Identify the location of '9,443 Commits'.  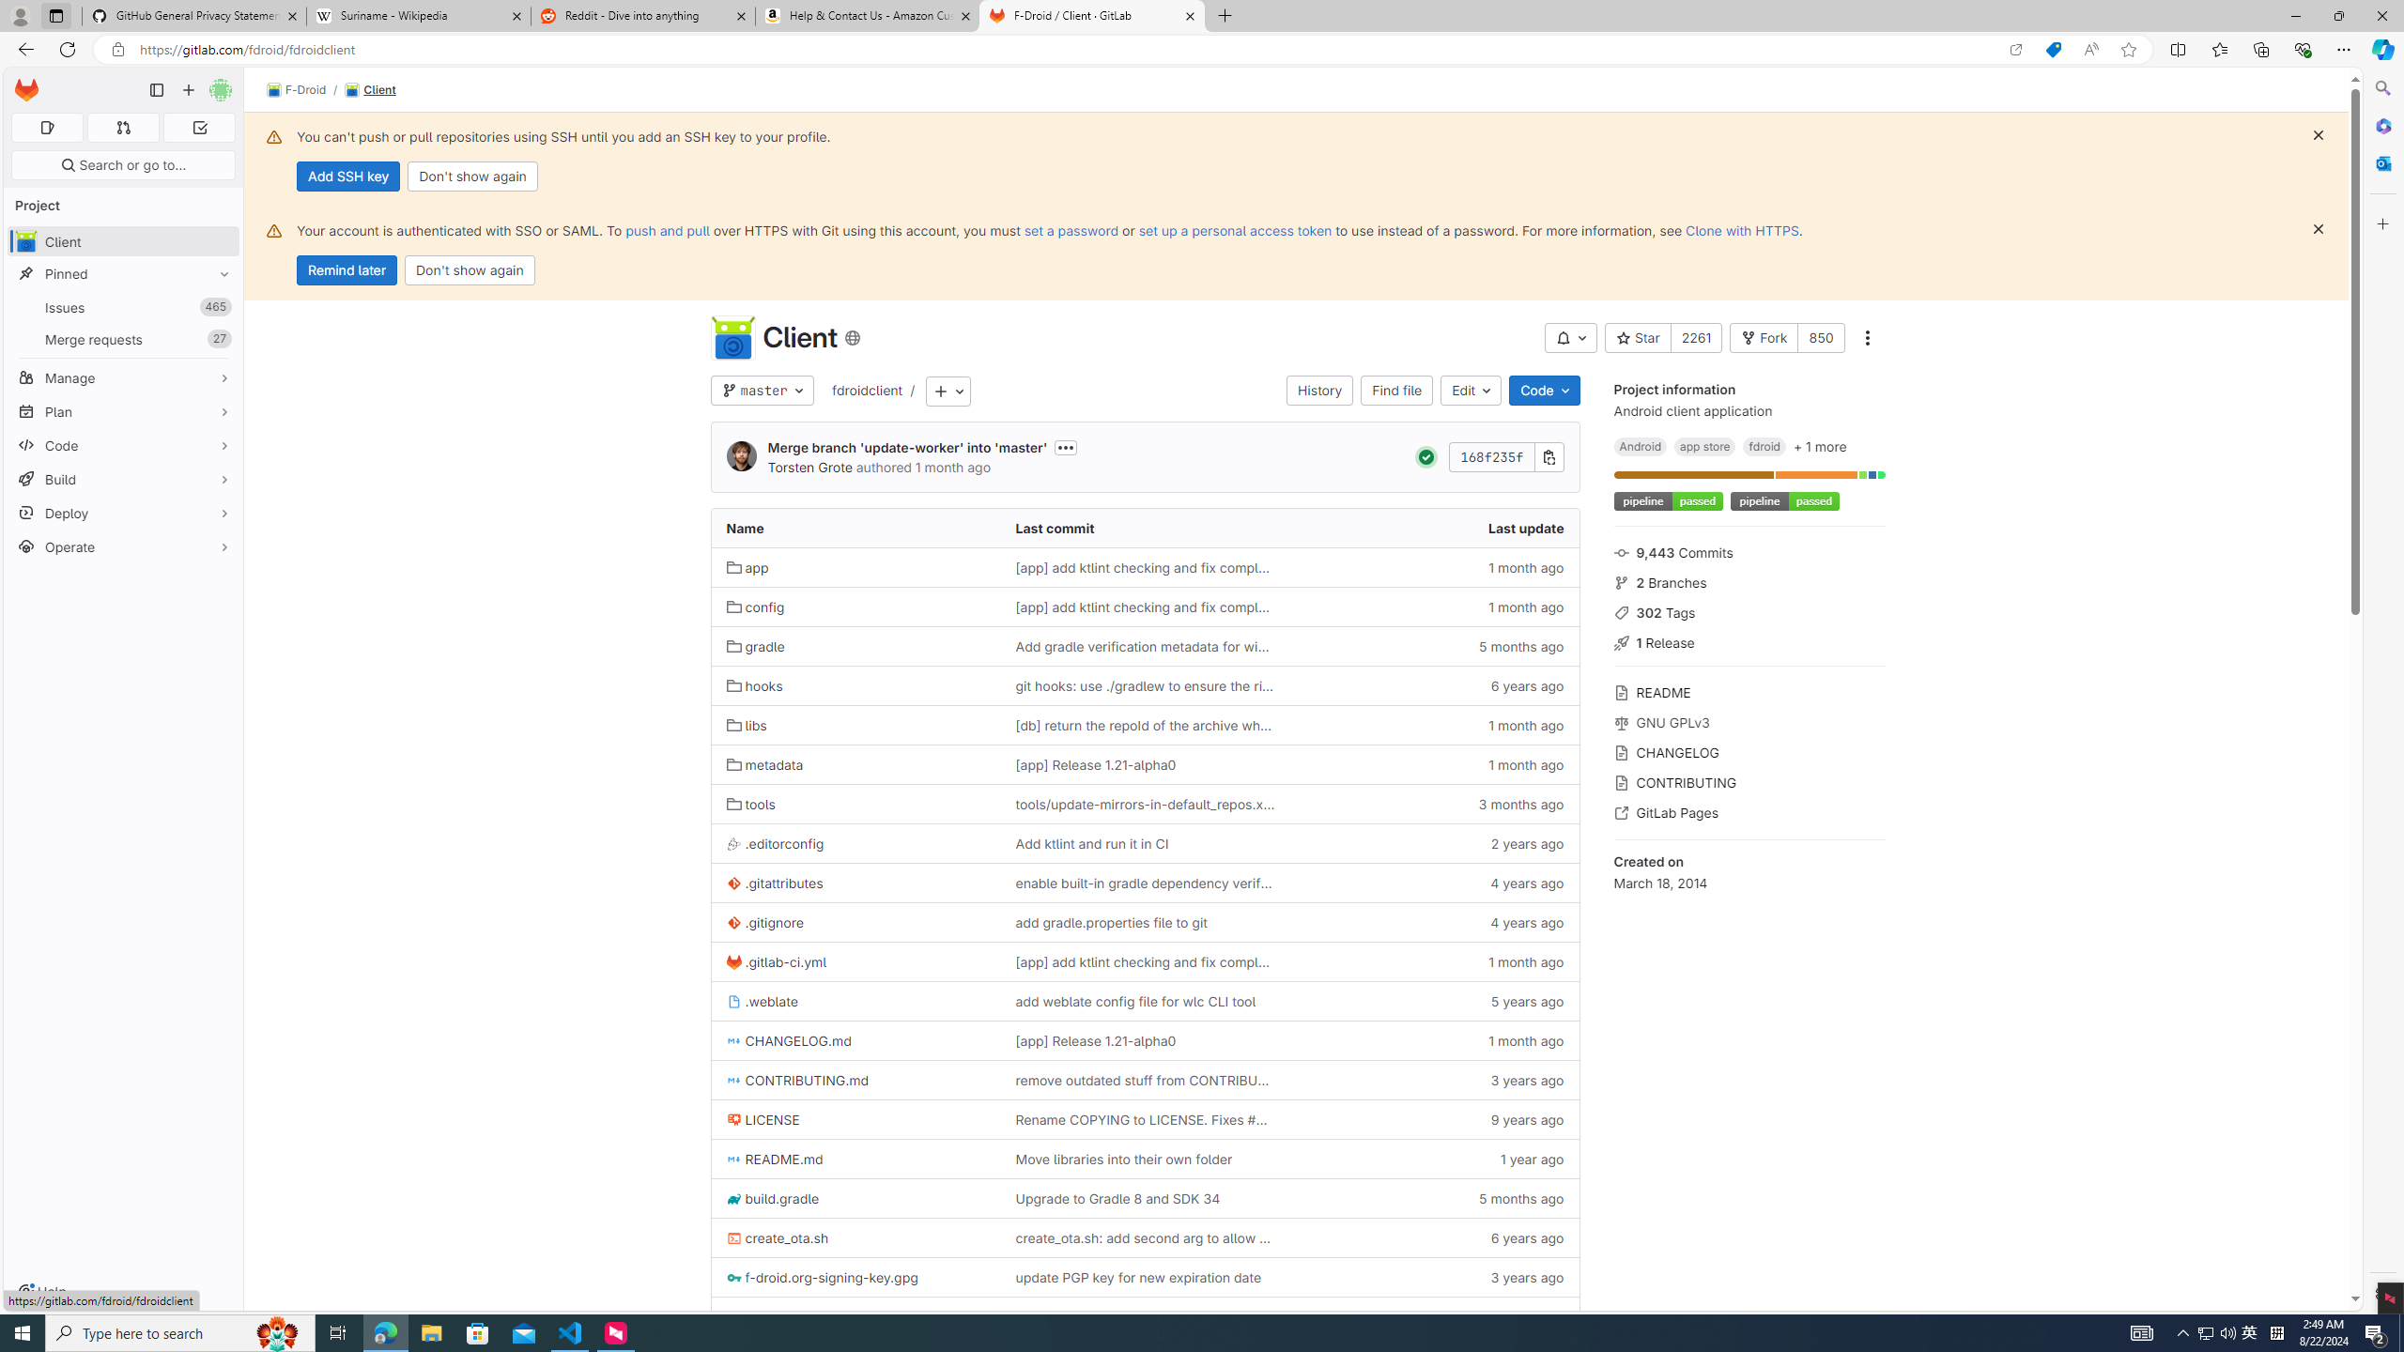
(1749, 550).